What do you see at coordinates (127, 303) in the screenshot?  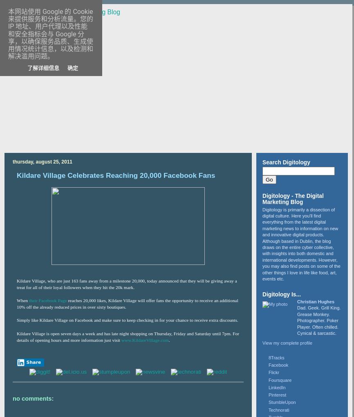 I see `'reaches 20,000 likes, Kildare Village will offer fans the opportunity to receive an additional 10% off the already reduced prices in over sixty boutiques.'` at bounding box center [127, 303].